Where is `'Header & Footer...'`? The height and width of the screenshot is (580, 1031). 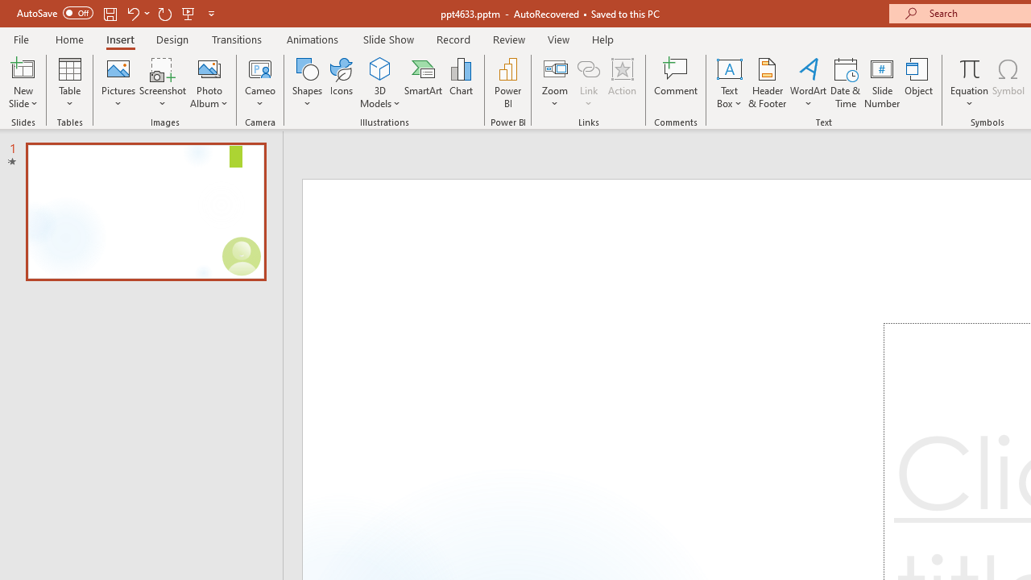
'Header & Footer...' is located at coordinates (766, 83).